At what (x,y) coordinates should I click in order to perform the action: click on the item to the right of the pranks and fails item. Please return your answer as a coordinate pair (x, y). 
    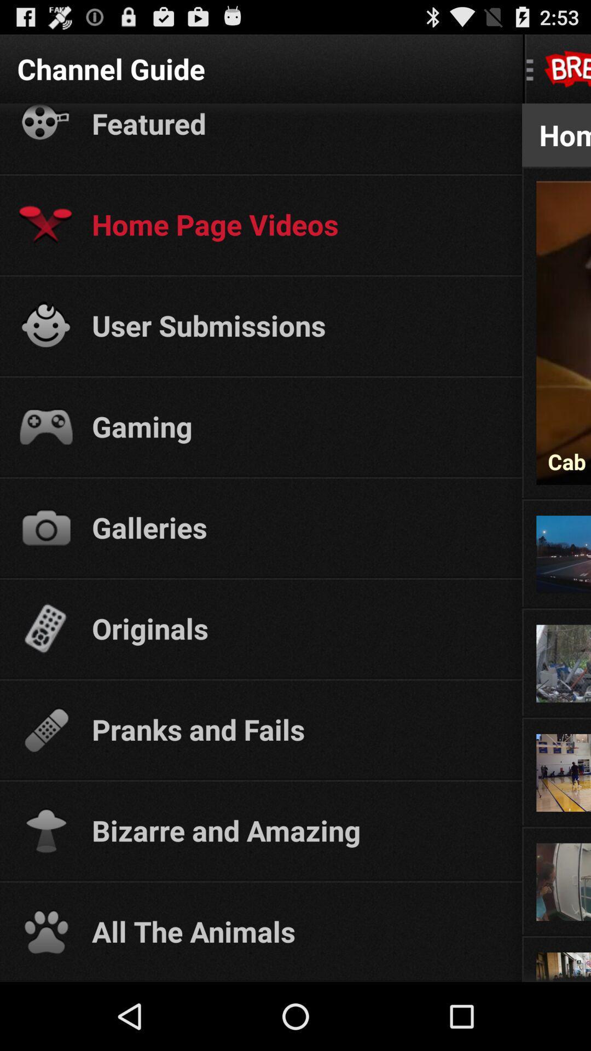
    Looking at the image, I should click on (557, 717).